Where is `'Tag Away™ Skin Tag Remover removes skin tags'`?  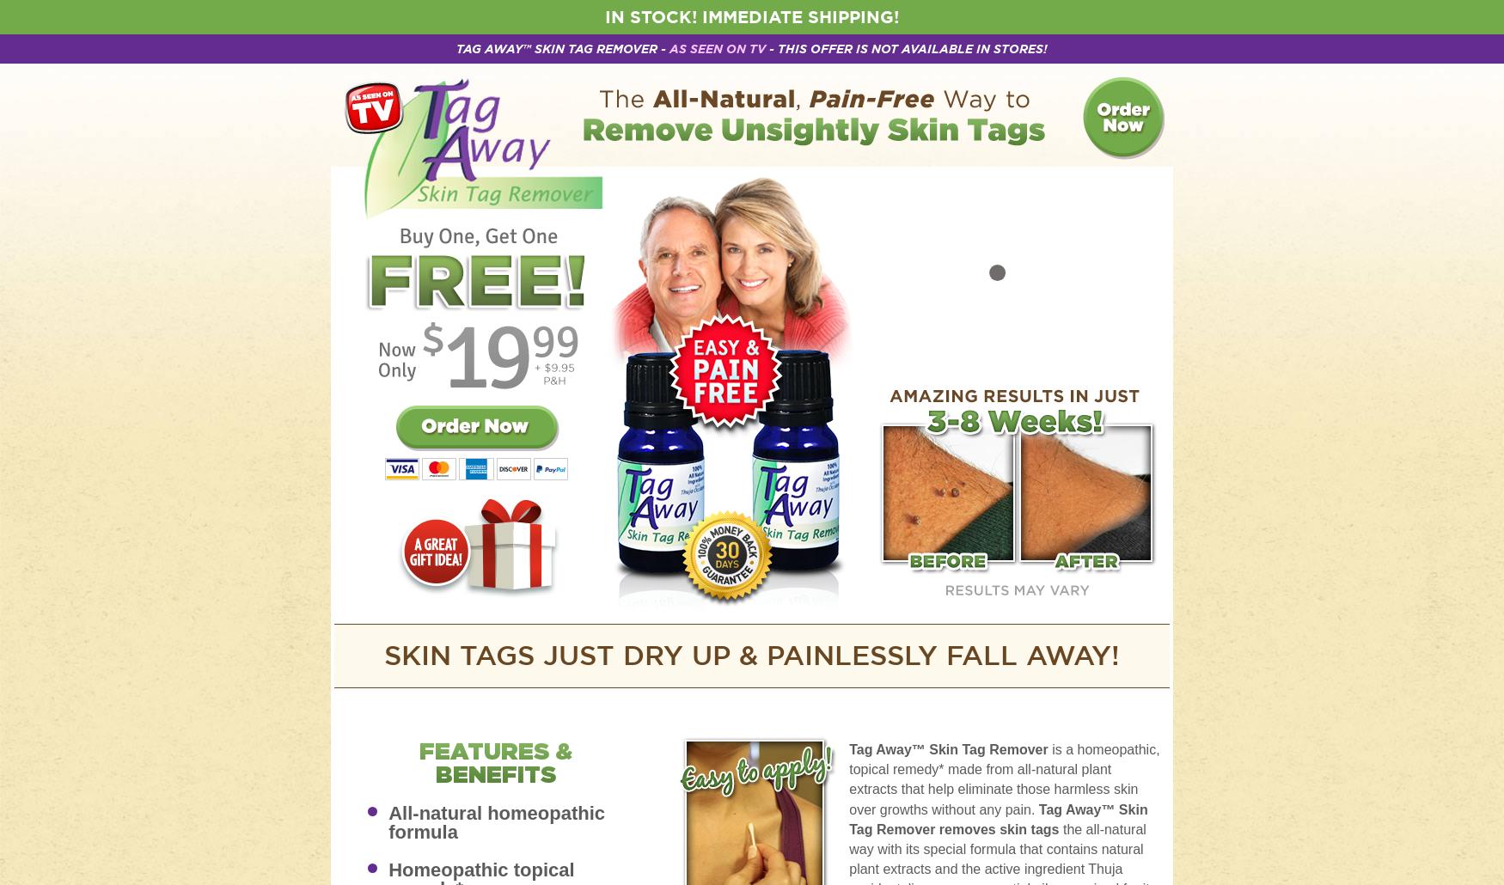
'Tag Away™ Skin Tag Remover removes skin tags' is located at coordinates (997, 817).